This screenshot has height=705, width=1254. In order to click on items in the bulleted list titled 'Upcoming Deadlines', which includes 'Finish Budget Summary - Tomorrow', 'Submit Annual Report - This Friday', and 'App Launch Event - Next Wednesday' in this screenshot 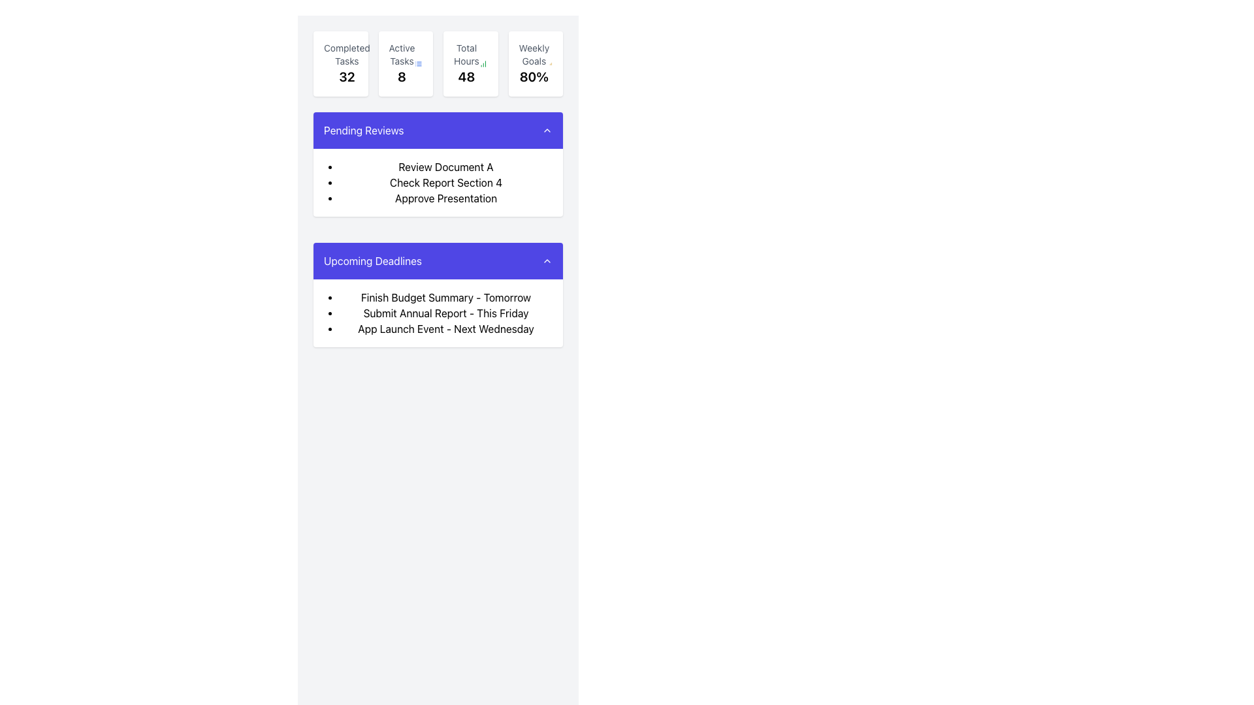, I will do `click(445, 313)`.